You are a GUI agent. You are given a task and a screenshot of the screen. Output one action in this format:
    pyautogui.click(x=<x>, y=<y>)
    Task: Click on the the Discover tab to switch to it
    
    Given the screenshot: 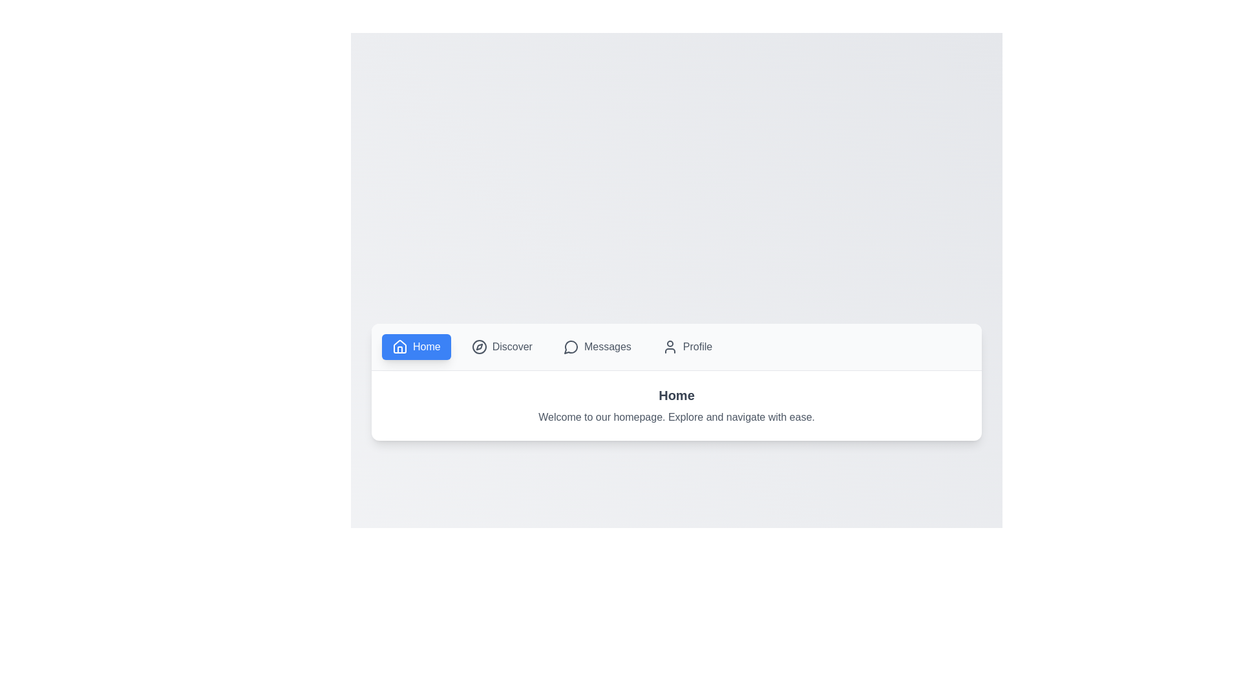 What is the action you would take?
    pyautogui.click(x=501, y=346)
    